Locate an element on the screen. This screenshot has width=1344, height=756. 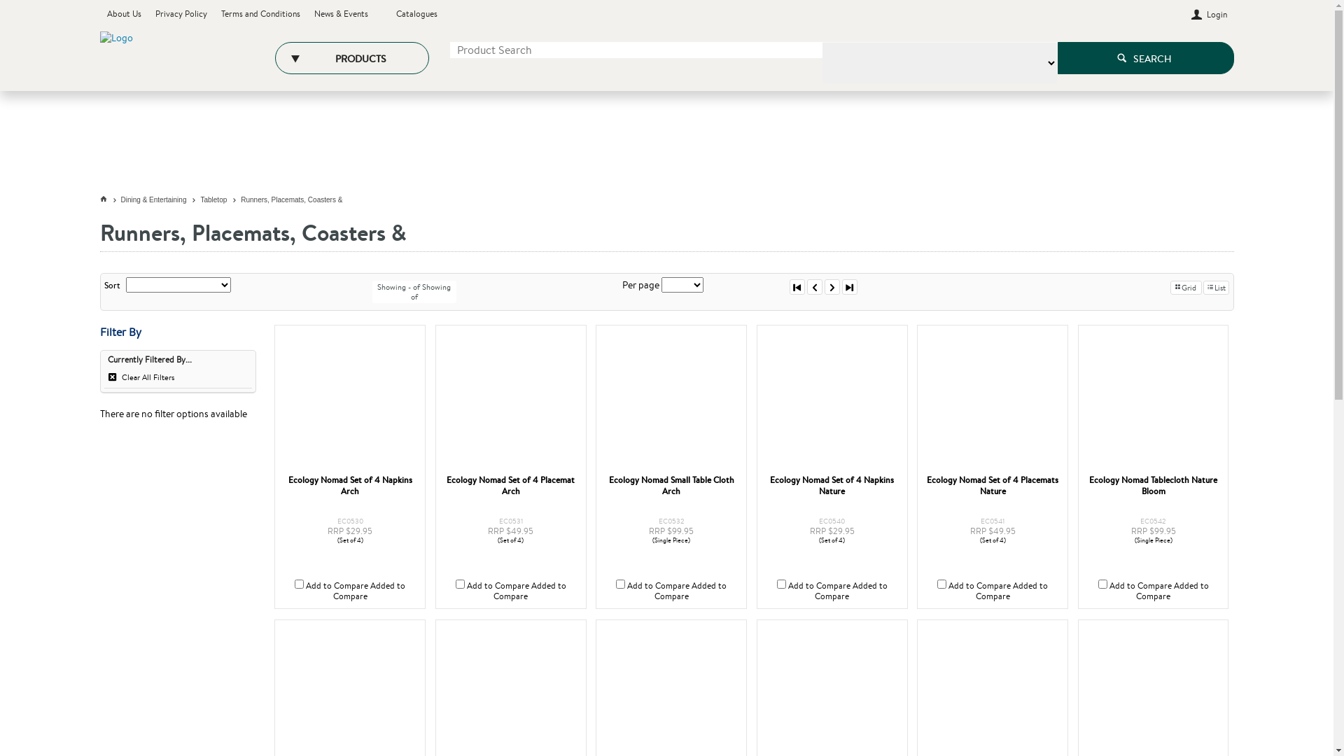
'Added to Compare' is located at coordinates (370, 591).